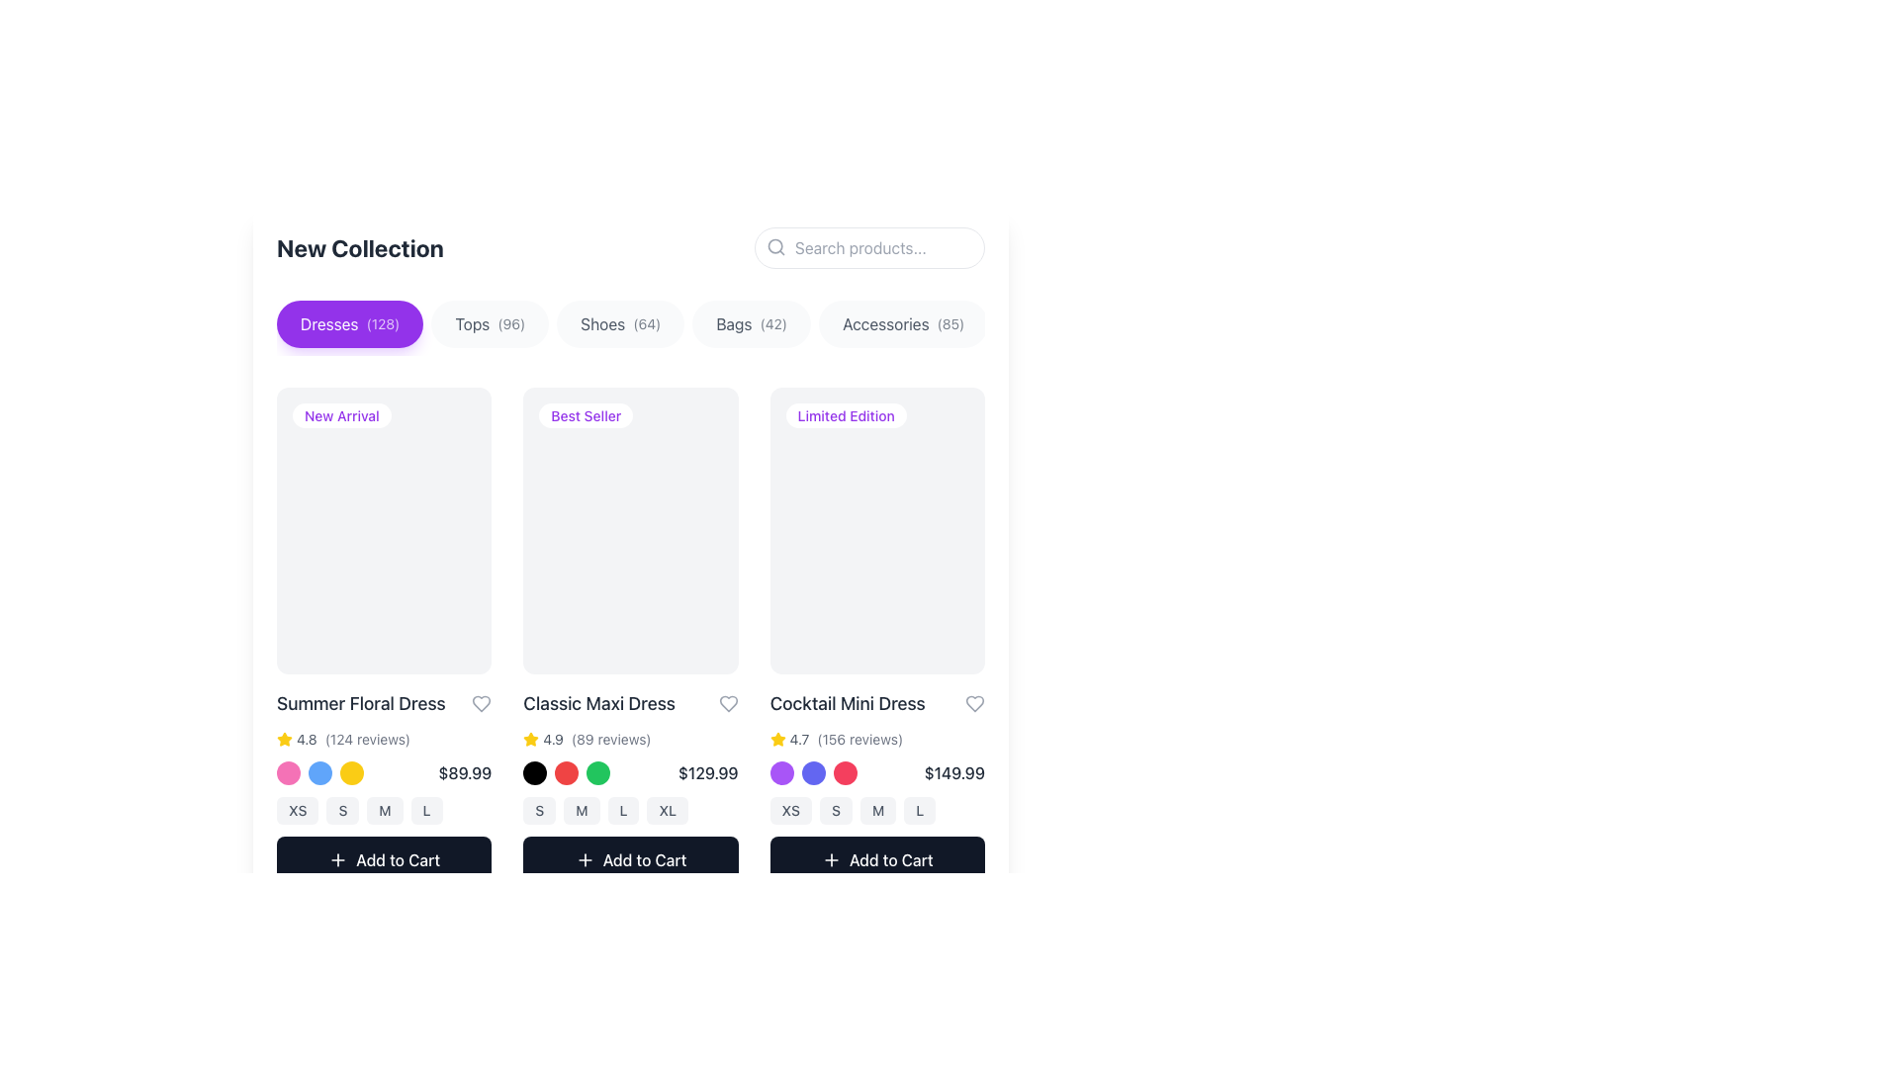  What do you see at coordinates (876, 810) in the screenshot?
I see `the 'M' size button, which is the third button in a horizontal list of size options below the 'Cocktail Mini Dress' product card` at bounding box center [876, 810].